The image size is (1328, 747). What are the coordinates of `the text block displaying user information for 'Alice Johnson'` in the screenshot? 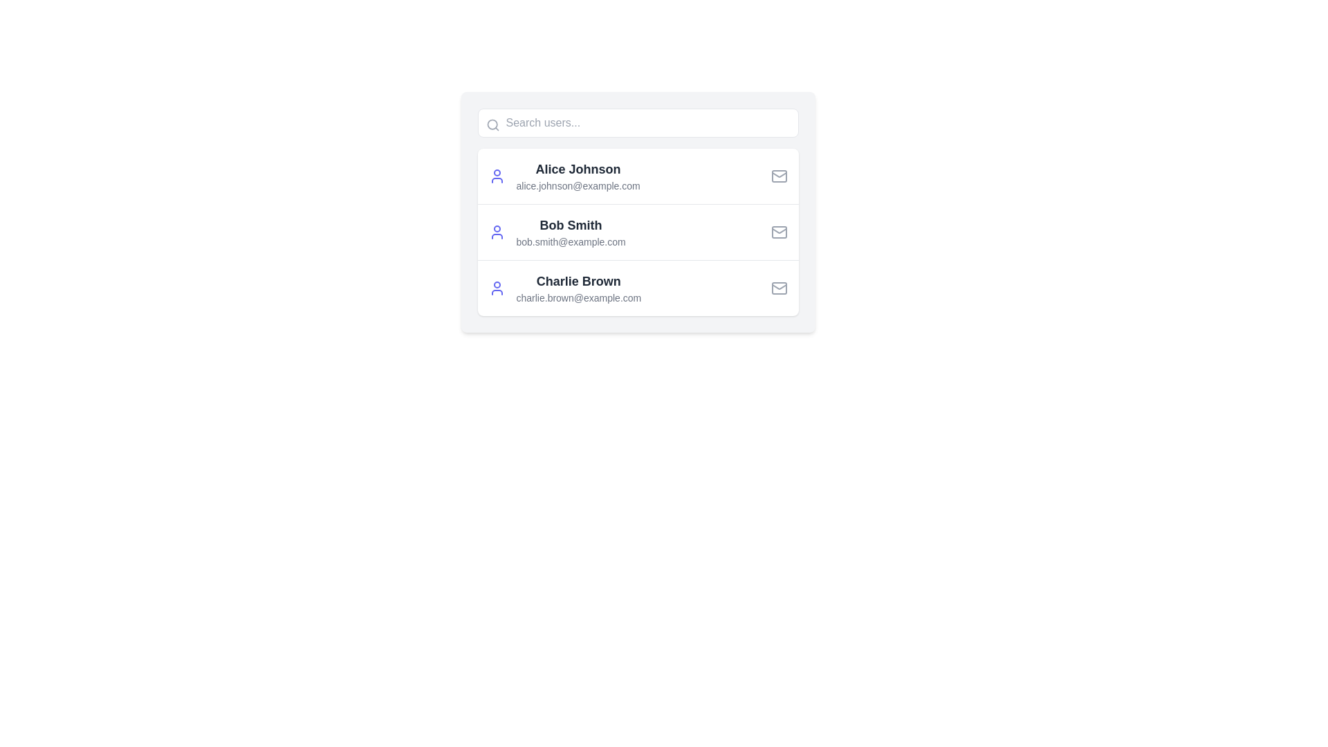 It's located at (578, 175).